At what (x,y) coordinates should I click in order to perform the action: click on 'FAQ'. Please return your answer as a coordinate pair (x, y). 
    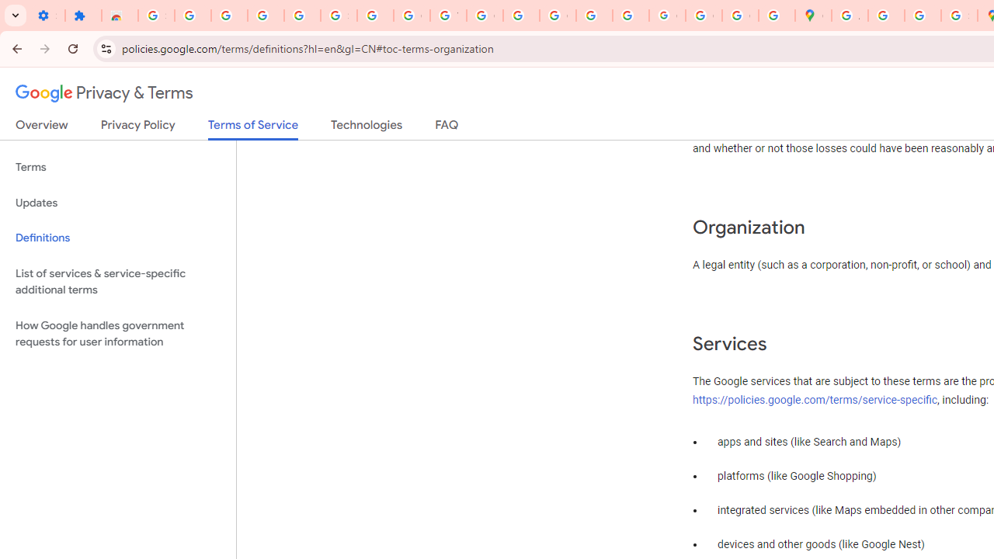
    Looking at the image, I should click on (447, 127).